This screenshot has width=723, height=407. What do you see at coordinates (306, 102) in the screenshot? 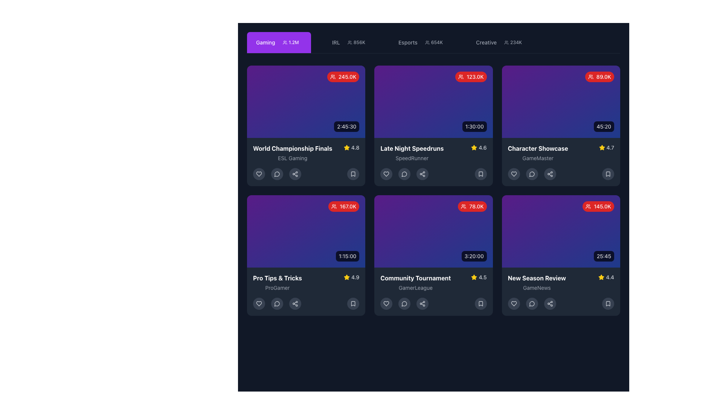
I see `the Content display card located in the top-left corner of the grid layout, which features a gradient background, a red circular badge with '245.0K', and a black rectangular badge with '2:45:30'` at bounding box center [306, 102].